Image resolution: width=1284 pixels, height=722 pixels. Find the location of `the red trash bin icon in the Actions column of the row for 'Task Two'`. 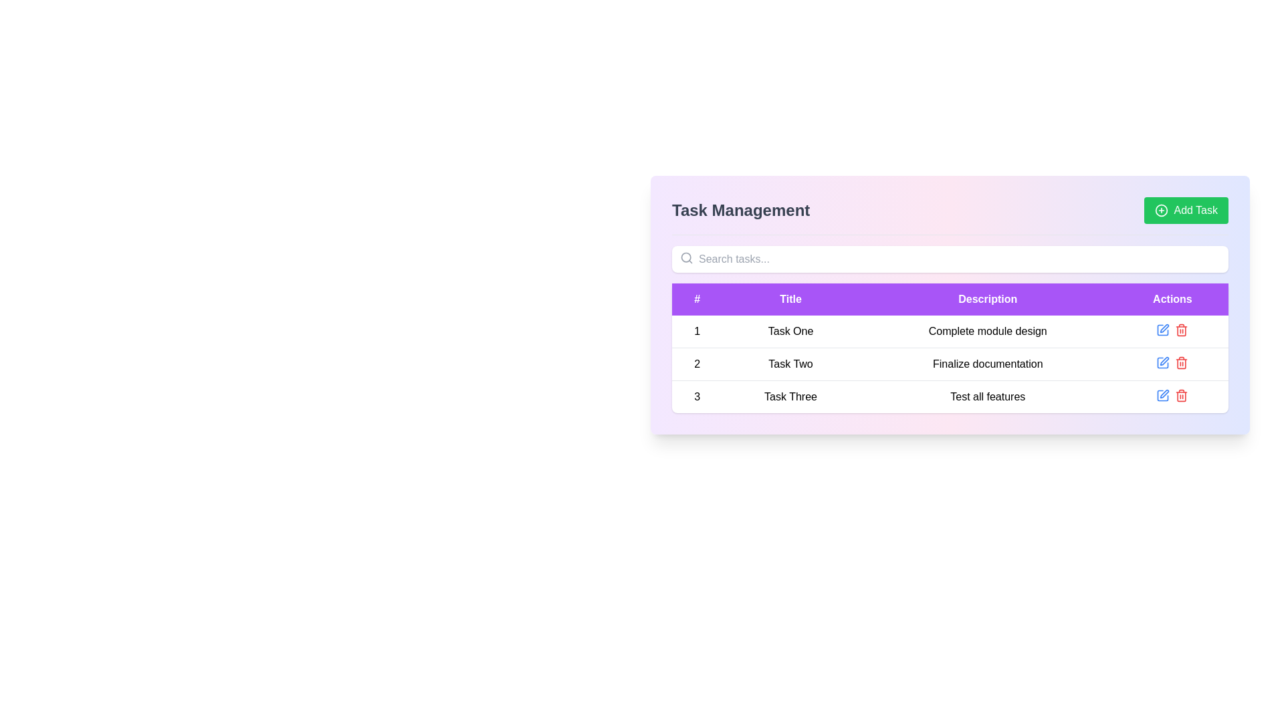

the red trash bin icon in the Actions column of the row for 'Task Two' is located at coordinates (1171, 363).